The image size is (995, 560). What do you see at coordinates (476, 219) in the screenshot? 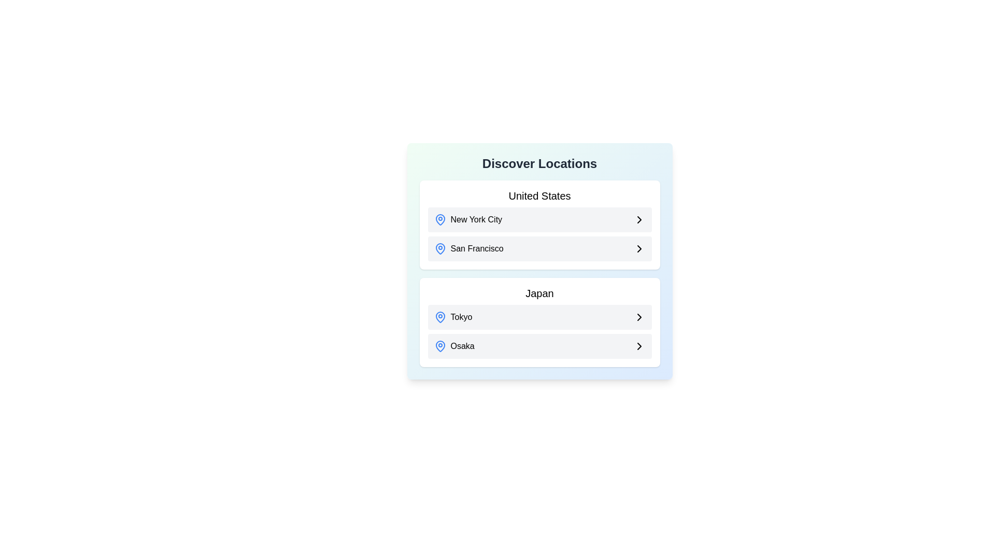
I see `the 'New York City' text label in the 'Discover Locations' panel` at bounding box center [476, 219].